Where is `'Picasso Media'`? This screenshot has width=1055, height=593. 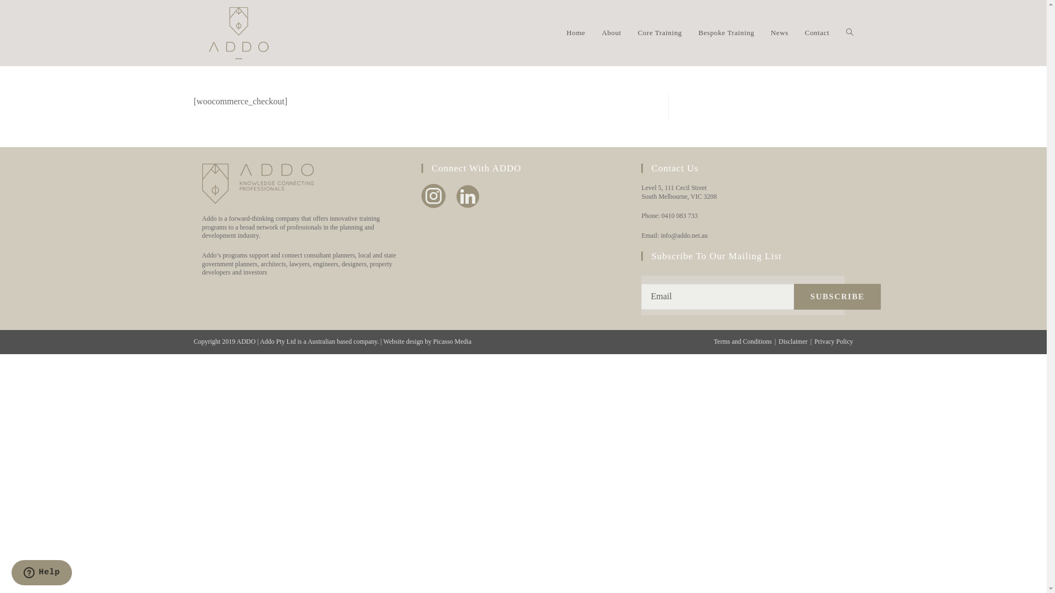
'Picasso Media' is located at coordinates (452, 340).